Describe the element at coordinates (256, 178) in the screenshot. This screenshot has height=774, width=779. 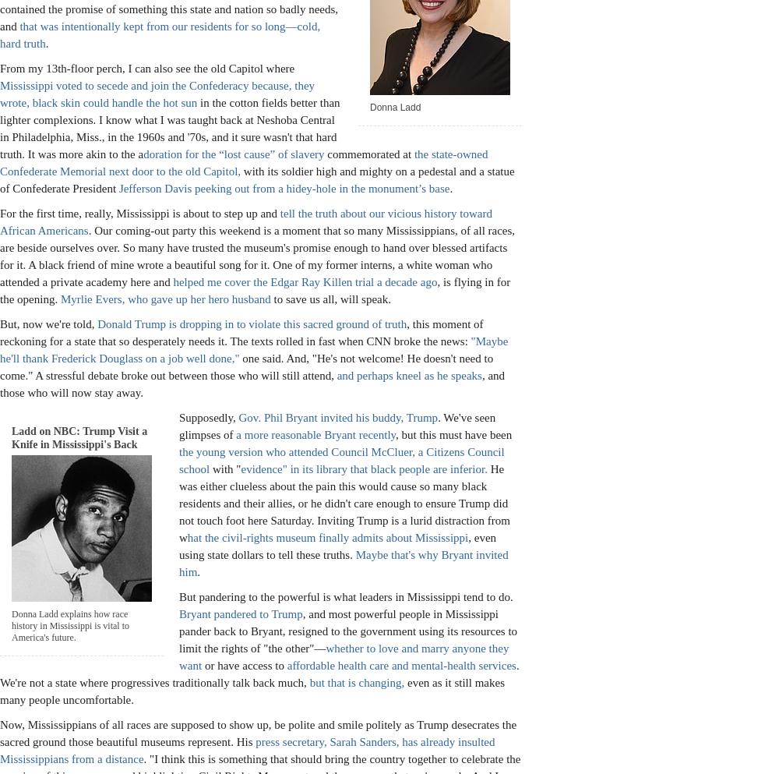
I see `'with its soldier high and mighty on a pedestal and a statue of Confederate President'` at that location.